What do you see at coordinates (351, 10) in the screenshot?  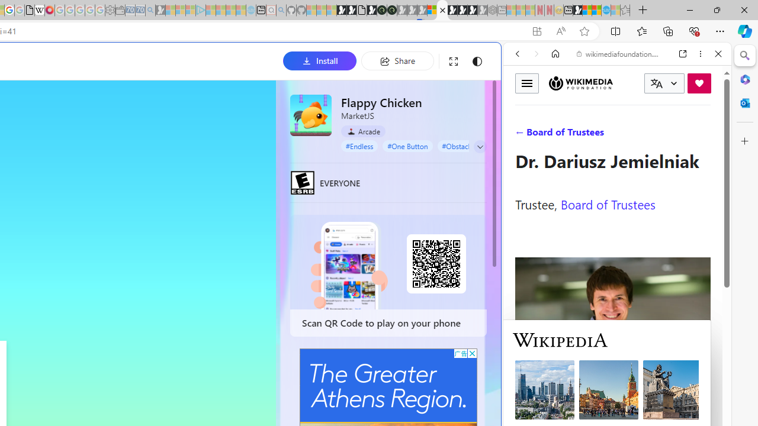 I see `'Play Zoo Boom in your browser | Games from Microsoft Start'` at bounding box center [351, 10].